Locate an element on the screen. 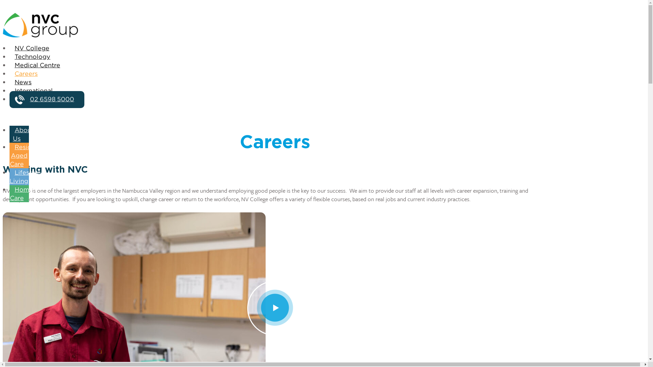 This screenshot has width=653, height=367. 'Technology' is located at coordinates (32, 57).